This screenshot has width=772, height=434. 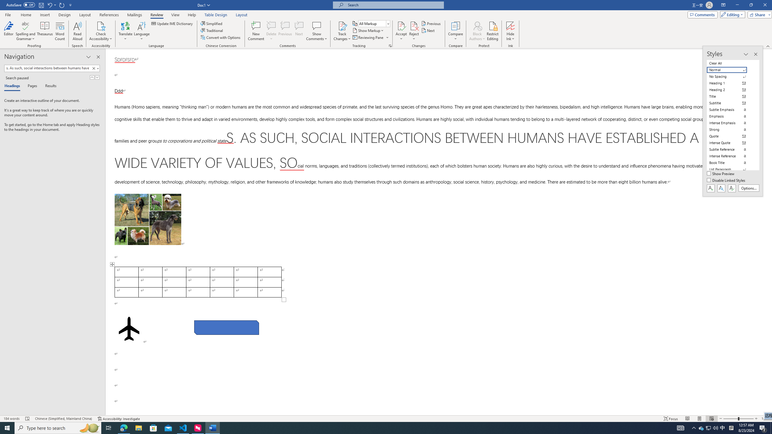 What do you see at coordinates (316, 25) in the screenshot?
I see `'Show Comments'` at bounding box center [316, 25].